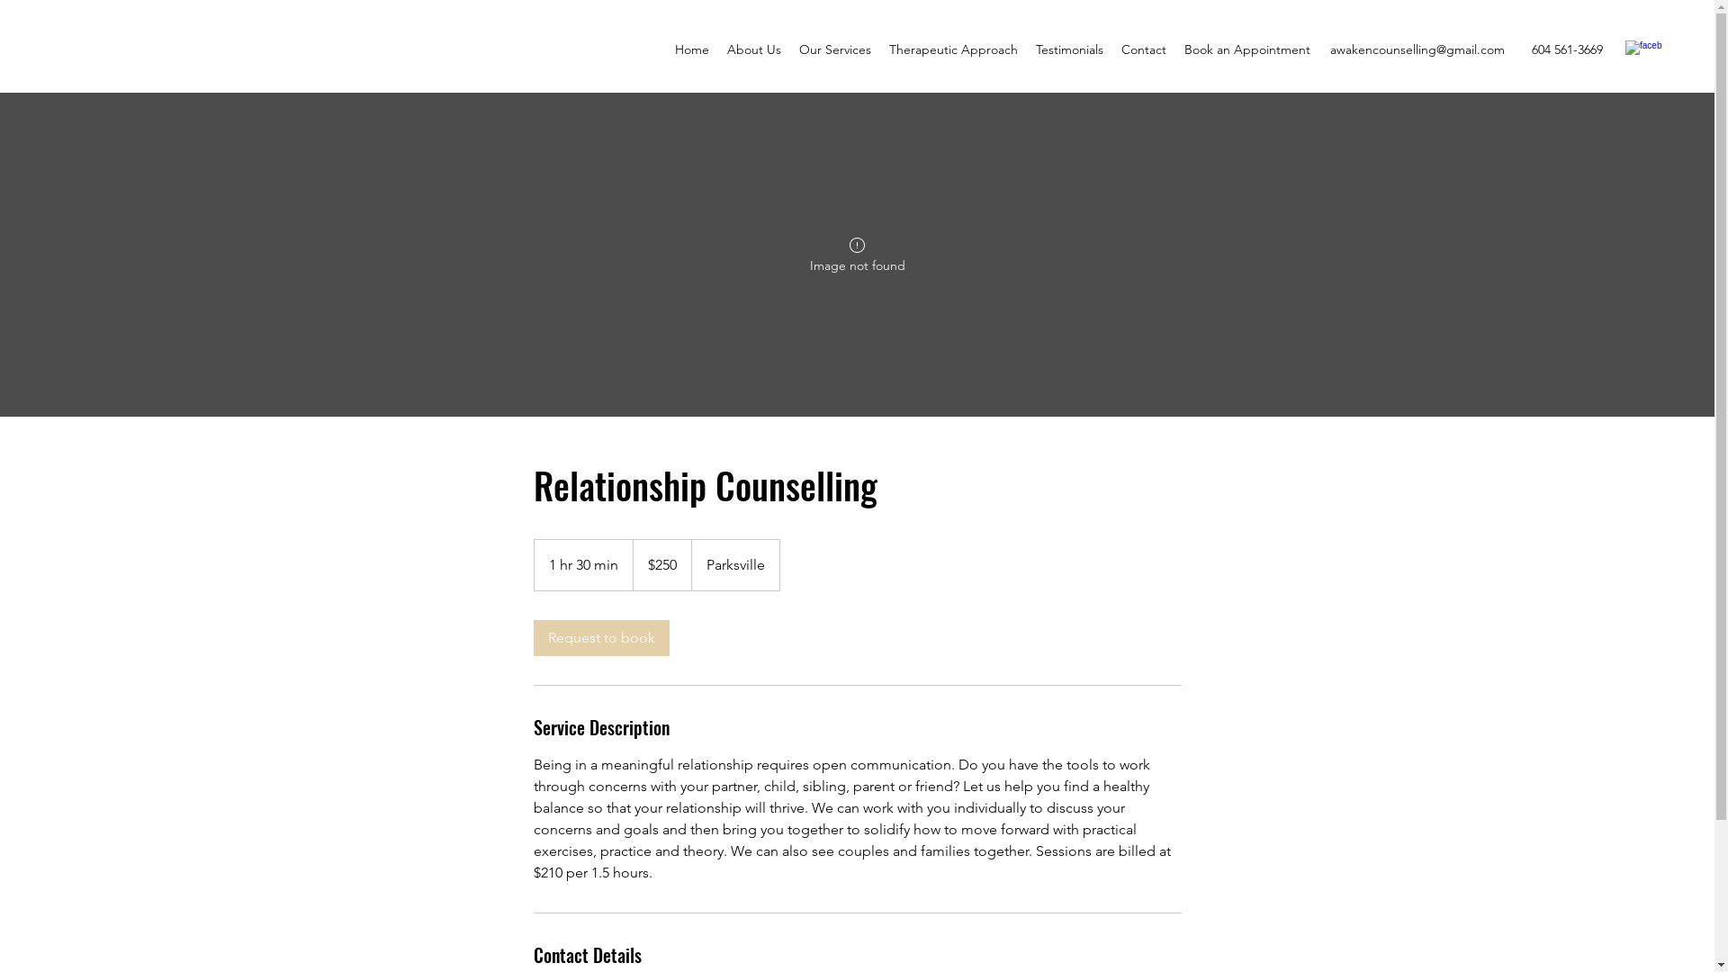 This screenshot has width=1728, height=972. I want to click on 'Testimonials', so click(1069, 48).